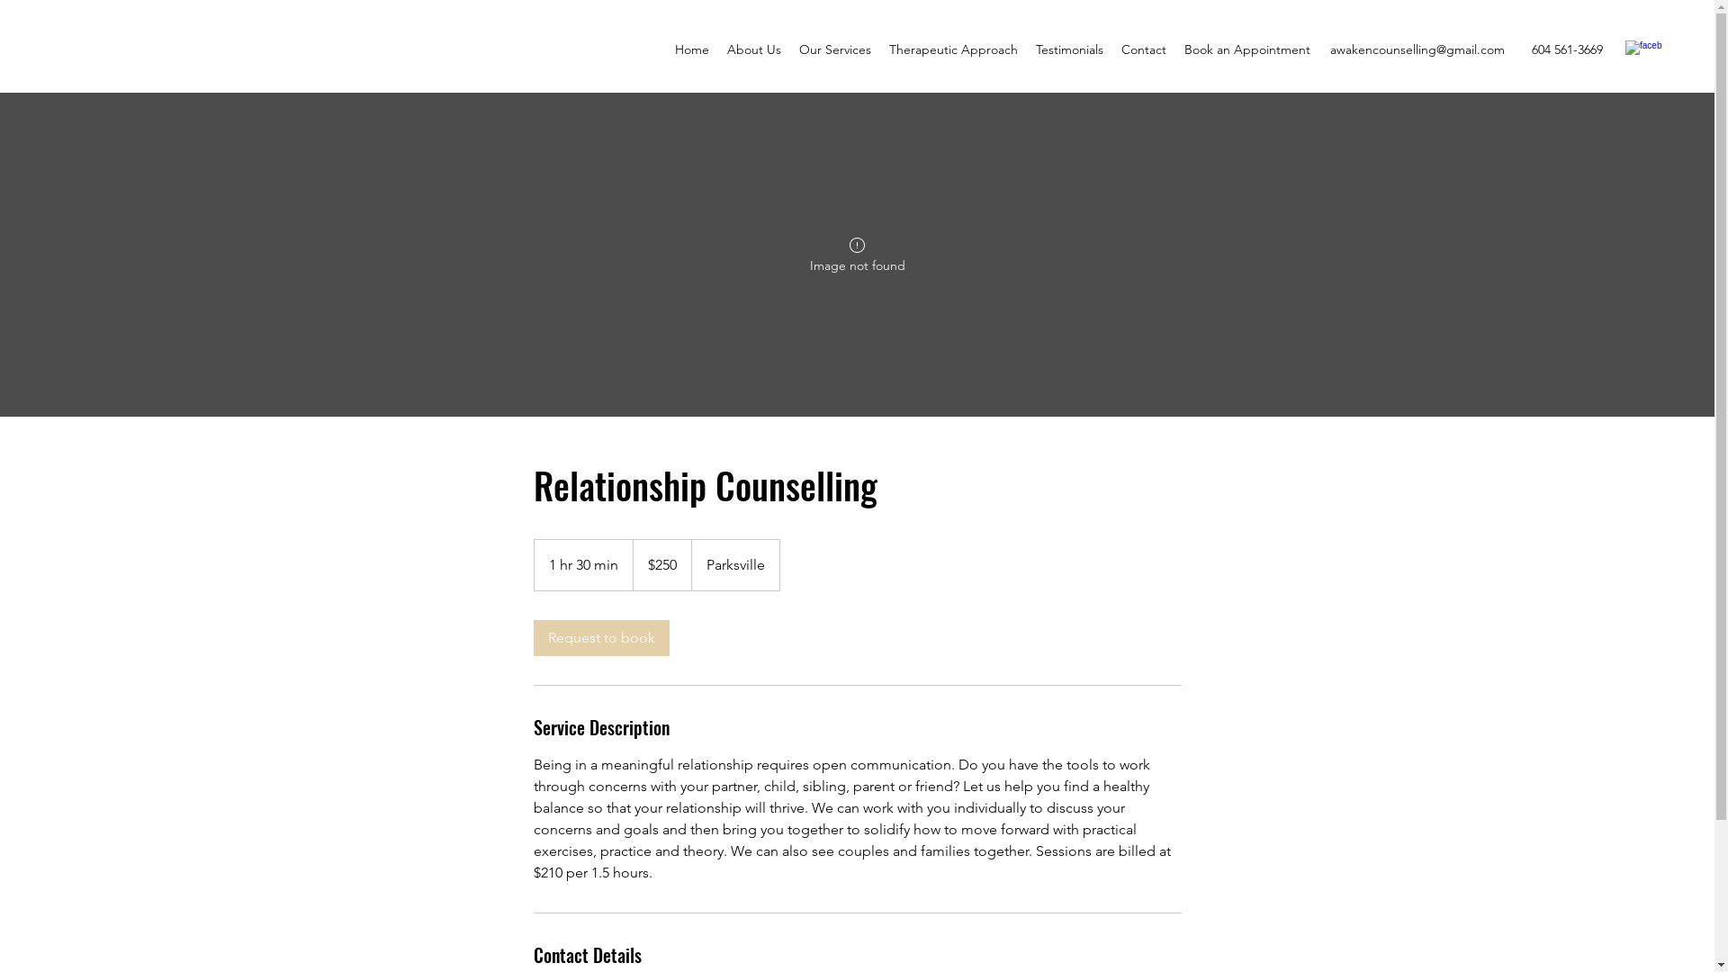 This screenshot has width=1728, height=972. I want to click on 'Testimonials', so click(1069, 48).